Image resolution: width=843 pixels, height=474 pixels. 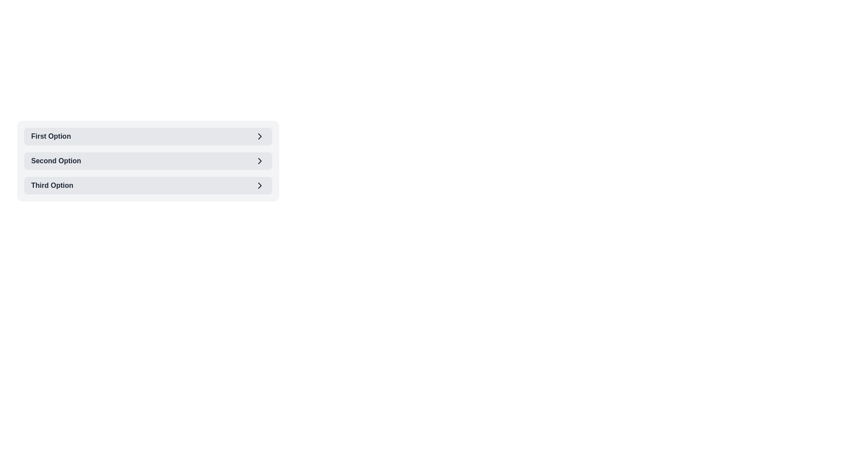 What do you see at coordinates (259, 185) in the screenshot?
I see `the right-facing chevron icon outlined in dark color on a light gray background located in the 'Third Option' row to interact with it` at bounding box center [259, 185].